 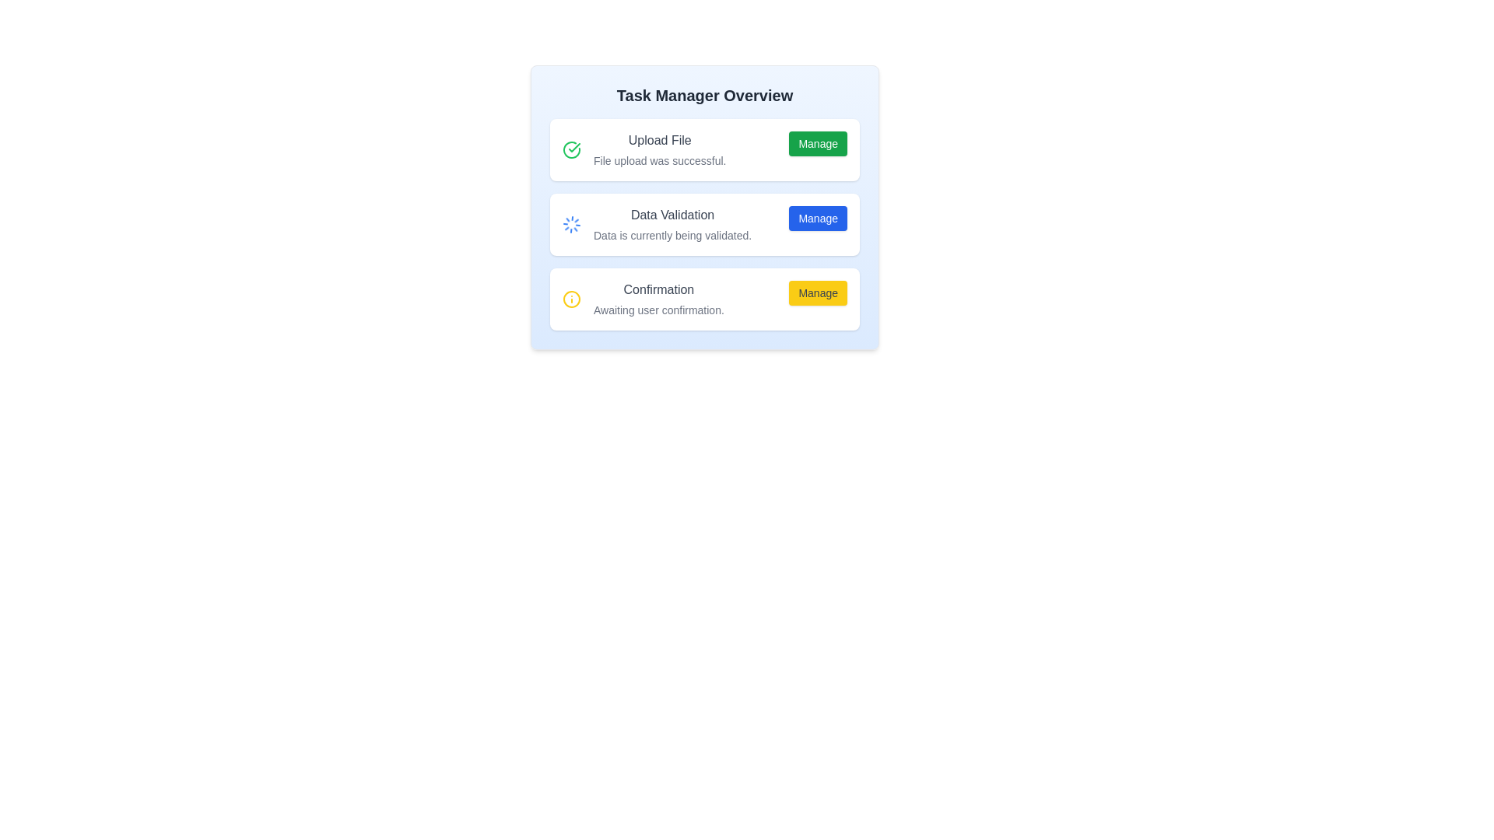 I want to click on the status update element for the task titled 'Data Validation', which is indicated by a spinning loader icon and located in the second card of the 'Task Manager Overview' interface, so click(x=657, y=225).